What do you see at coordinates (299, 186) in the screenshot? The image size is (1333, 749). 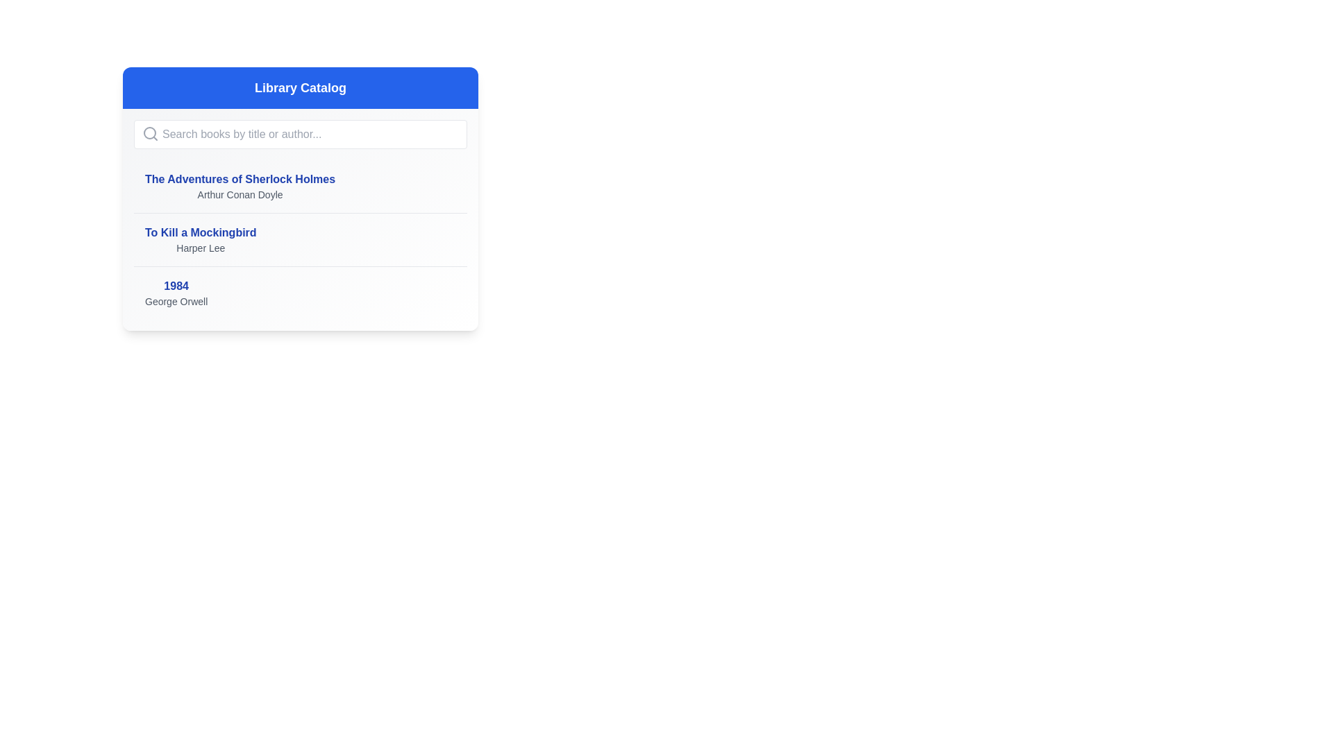 I see `the first book entry in the 'Library Catalog'` at bounding box center [299, 186].